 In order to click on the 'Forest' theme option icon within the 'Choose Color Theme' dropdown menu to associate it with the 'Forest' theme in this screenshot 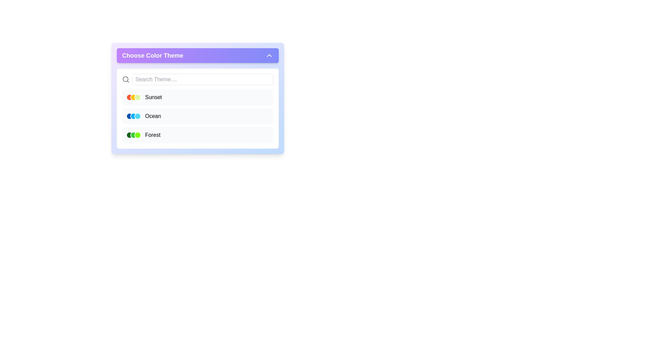, I will do `click(133, 135)`.